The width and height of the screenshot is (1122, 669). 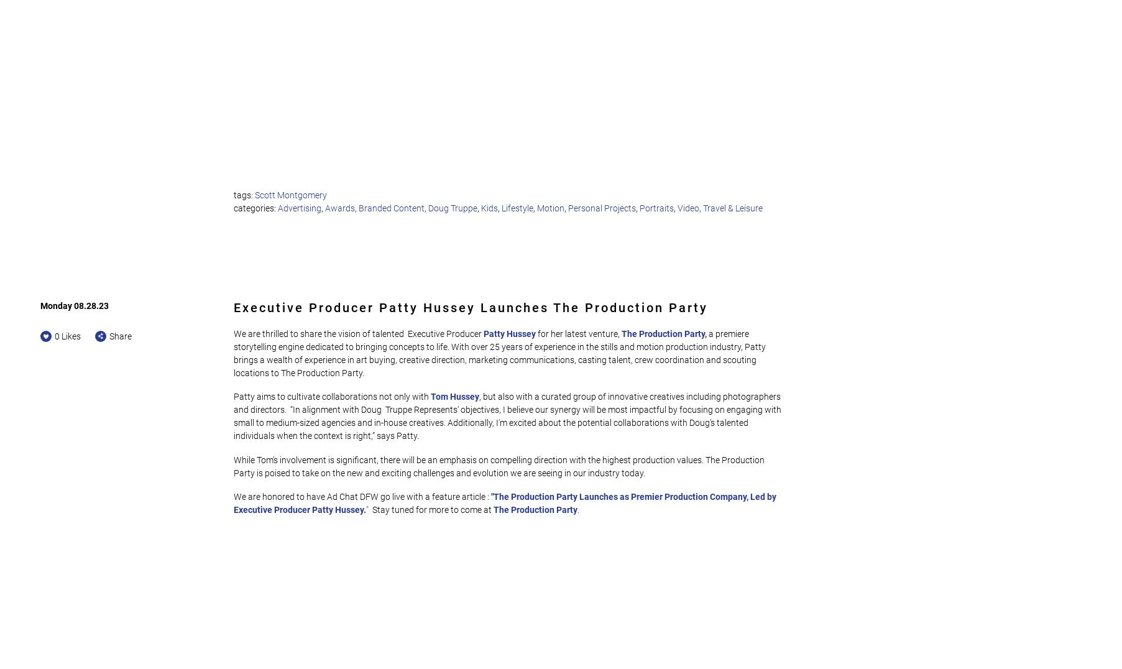 I want to click on 'categories:', so click(x=255, y=207).